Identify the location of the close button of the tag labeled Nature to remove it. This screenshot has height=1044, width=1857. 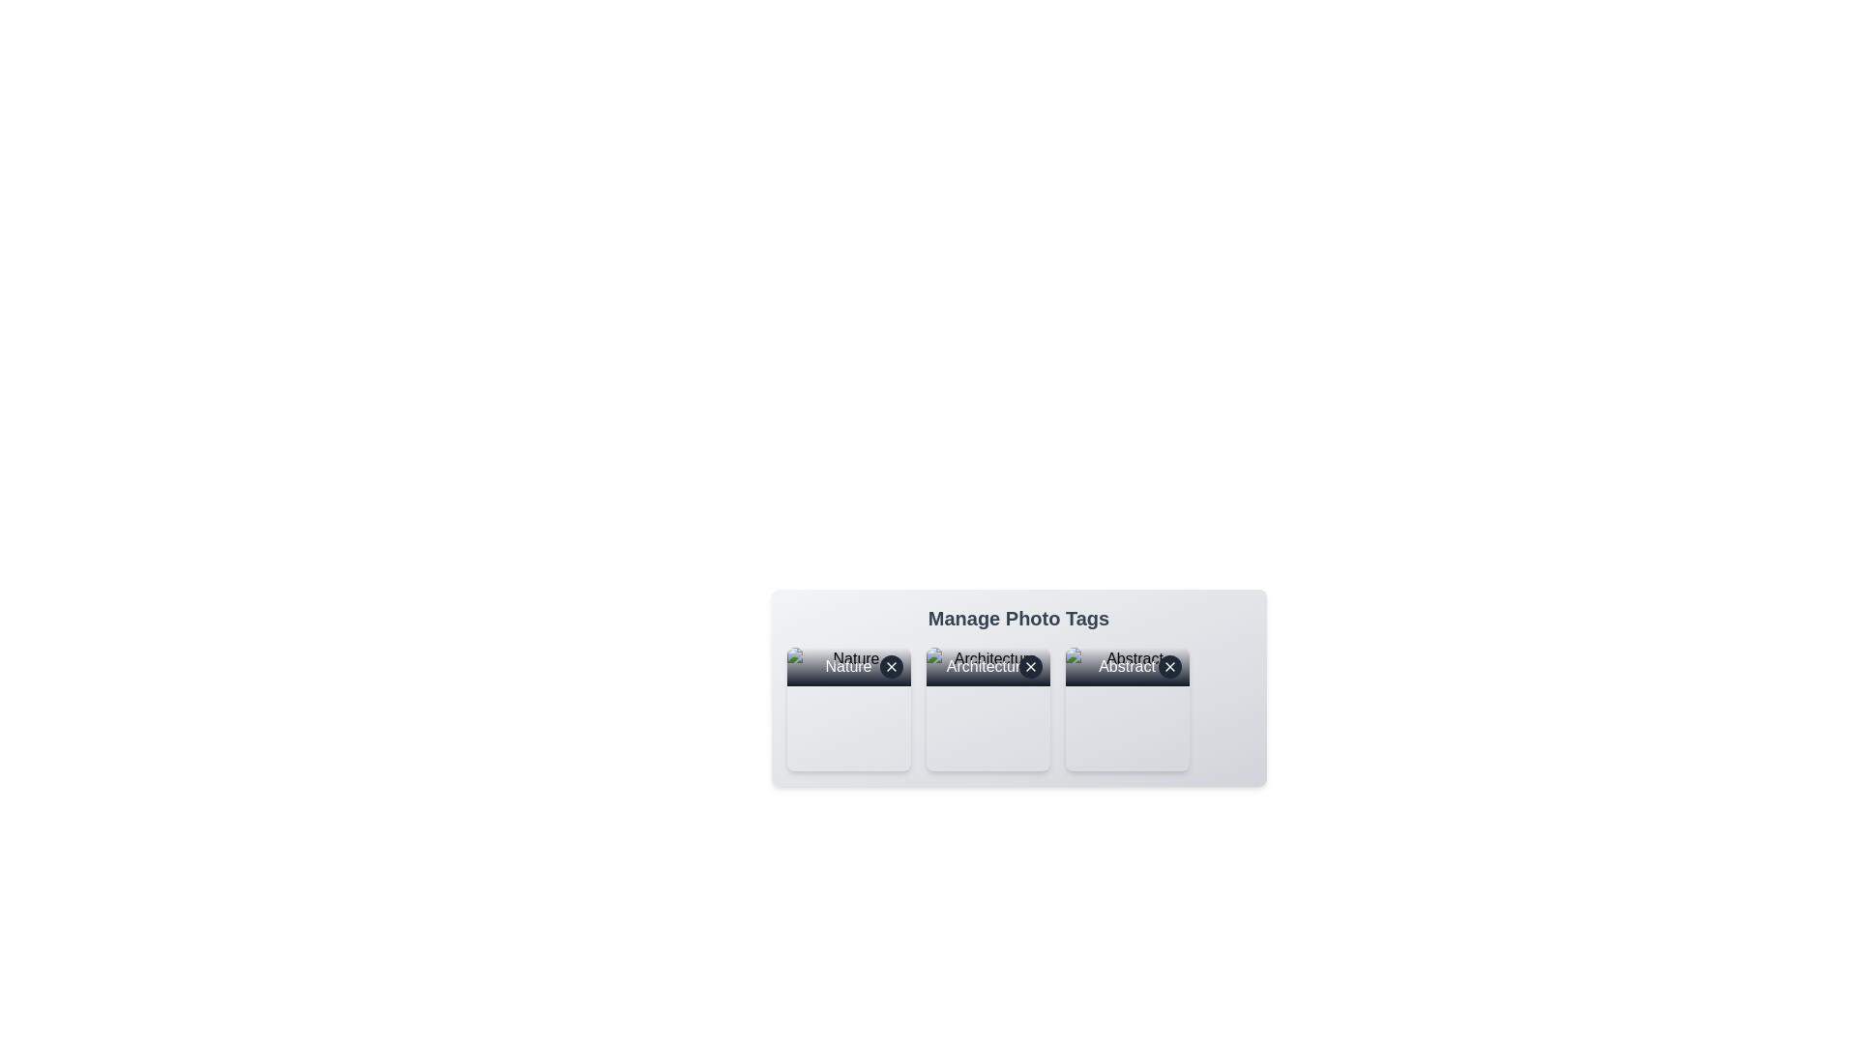
(890, 666).